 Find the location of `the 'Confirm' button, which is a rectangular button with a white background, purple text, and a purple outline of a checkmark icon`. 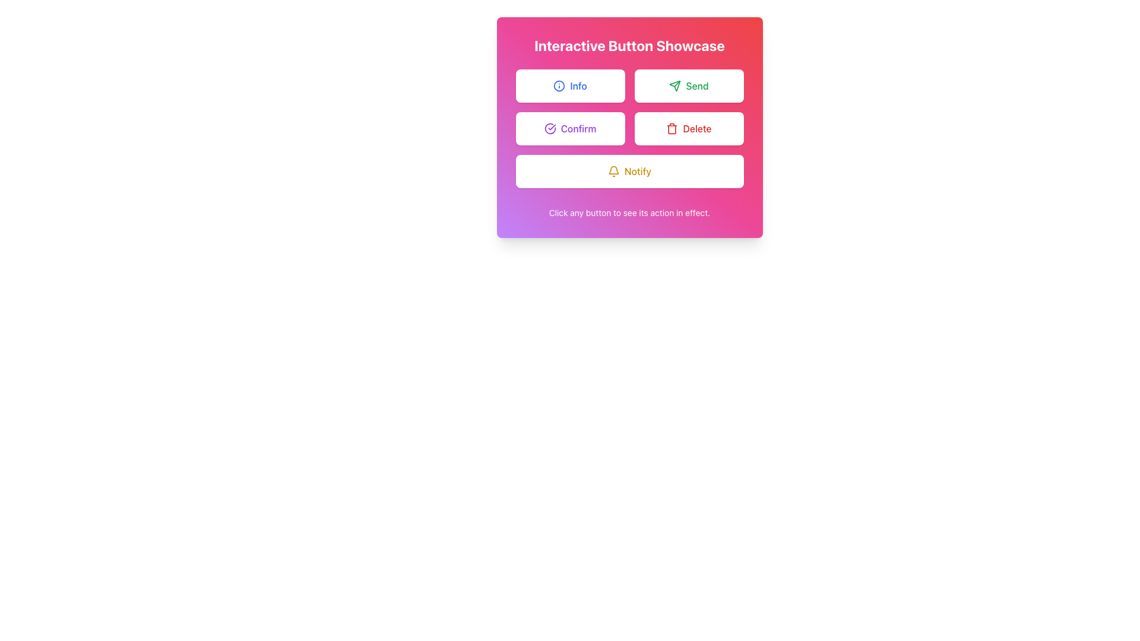

the 'Confirm' button, which is a rectangular button with a white background, purple text, and a purple outline of a checkmark icon is located at coordinates (570, 128).